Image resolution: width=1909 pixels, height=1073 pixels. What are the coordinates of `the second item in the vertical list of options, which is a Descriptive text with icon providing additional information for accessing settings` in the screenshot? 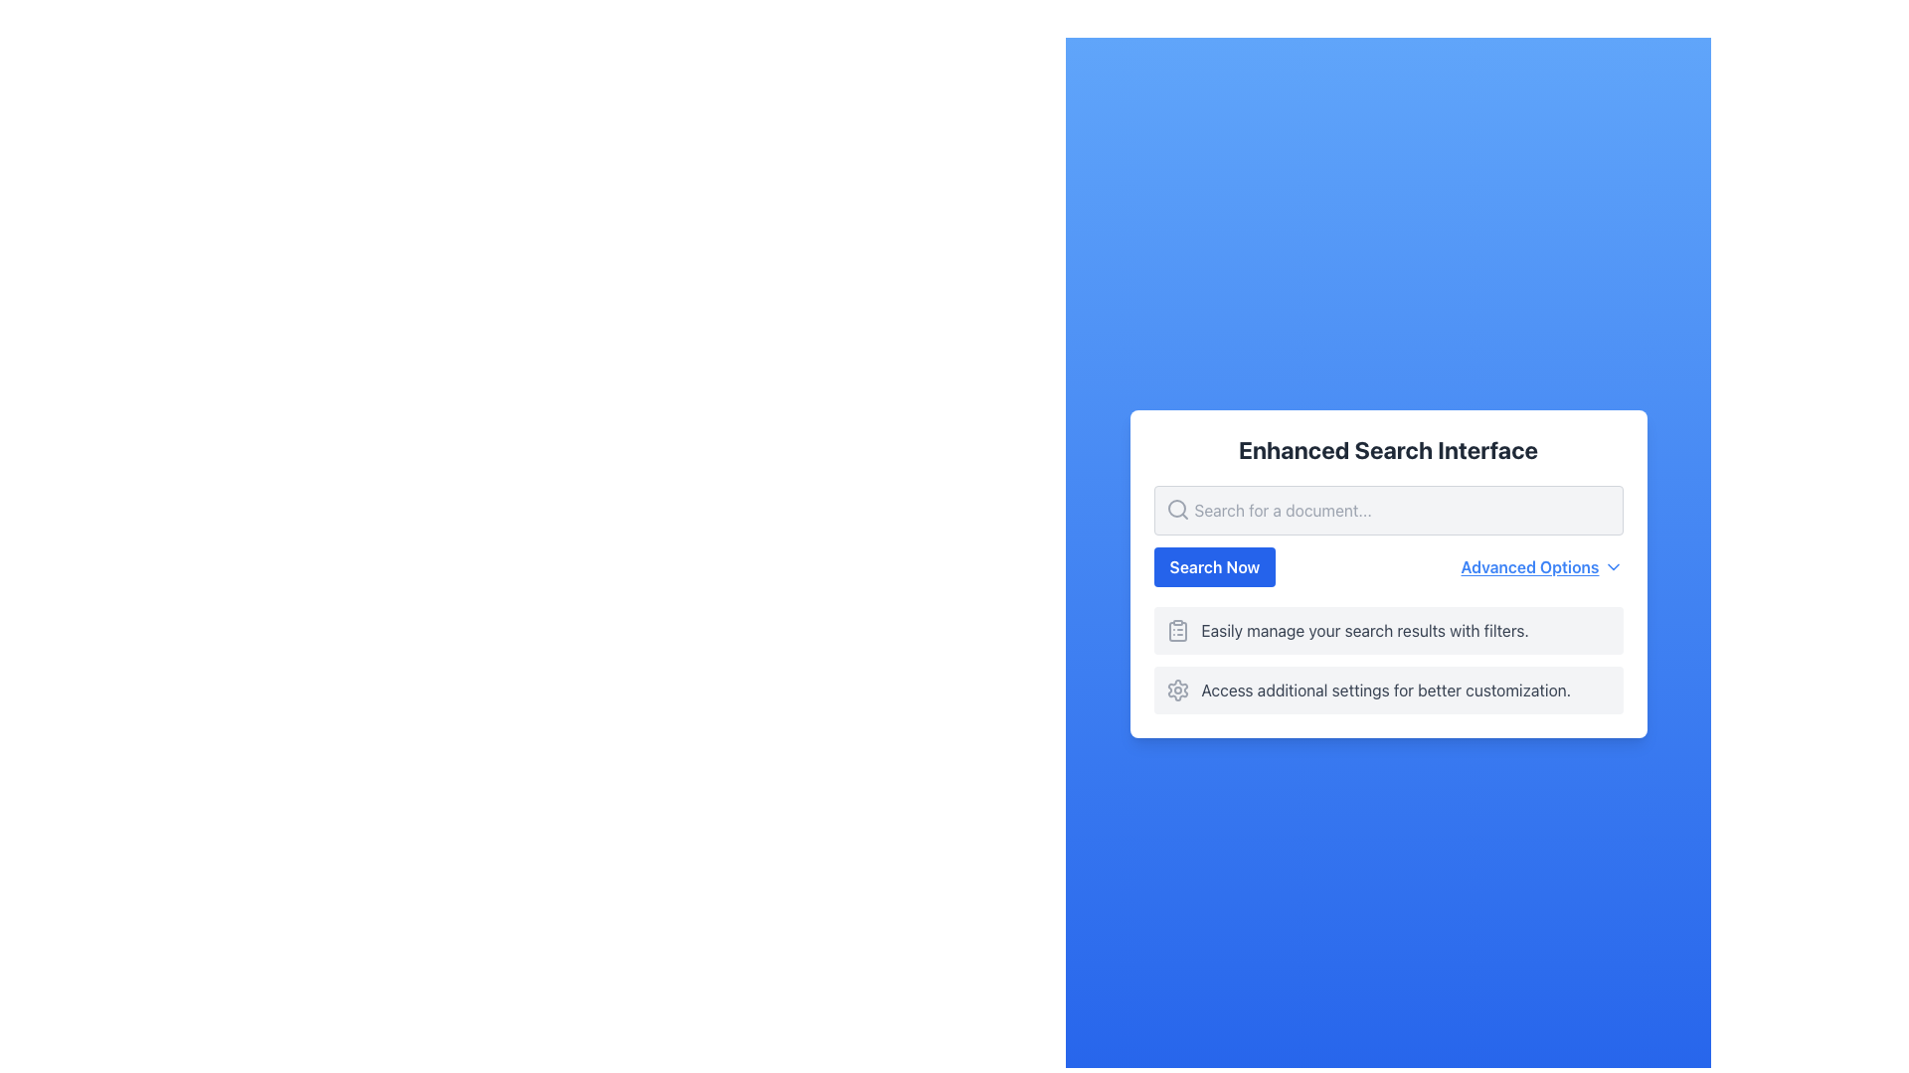 It's located at (1387, 689).